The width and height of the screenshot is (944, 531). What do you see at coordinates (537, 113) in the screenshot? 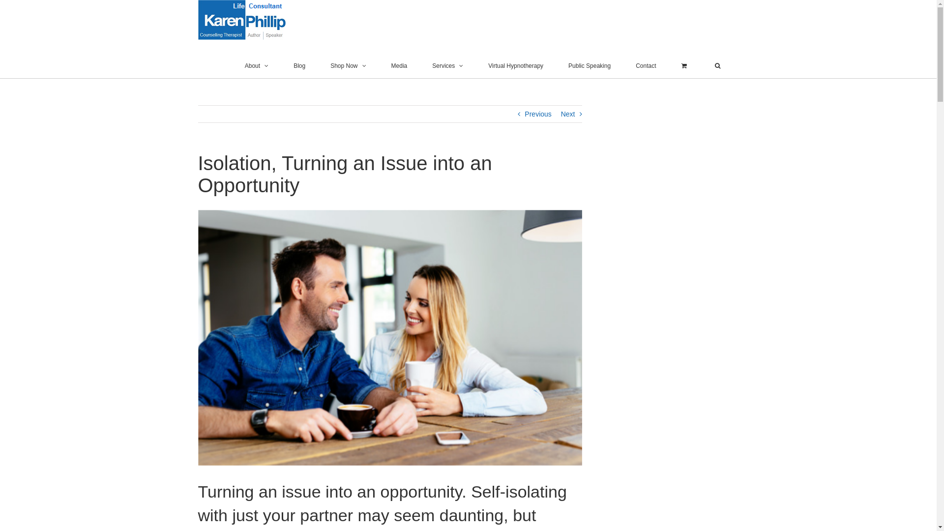
I see `'Previous'` at bounding box center [537, 113].